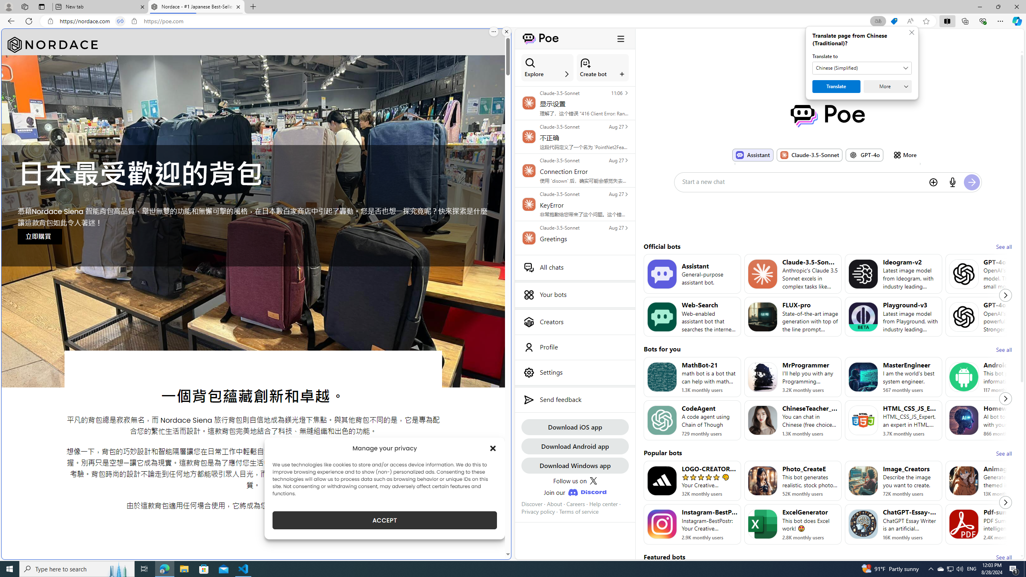 The image size is (1026, 577). I want to click on 'More', so click(905, 155).